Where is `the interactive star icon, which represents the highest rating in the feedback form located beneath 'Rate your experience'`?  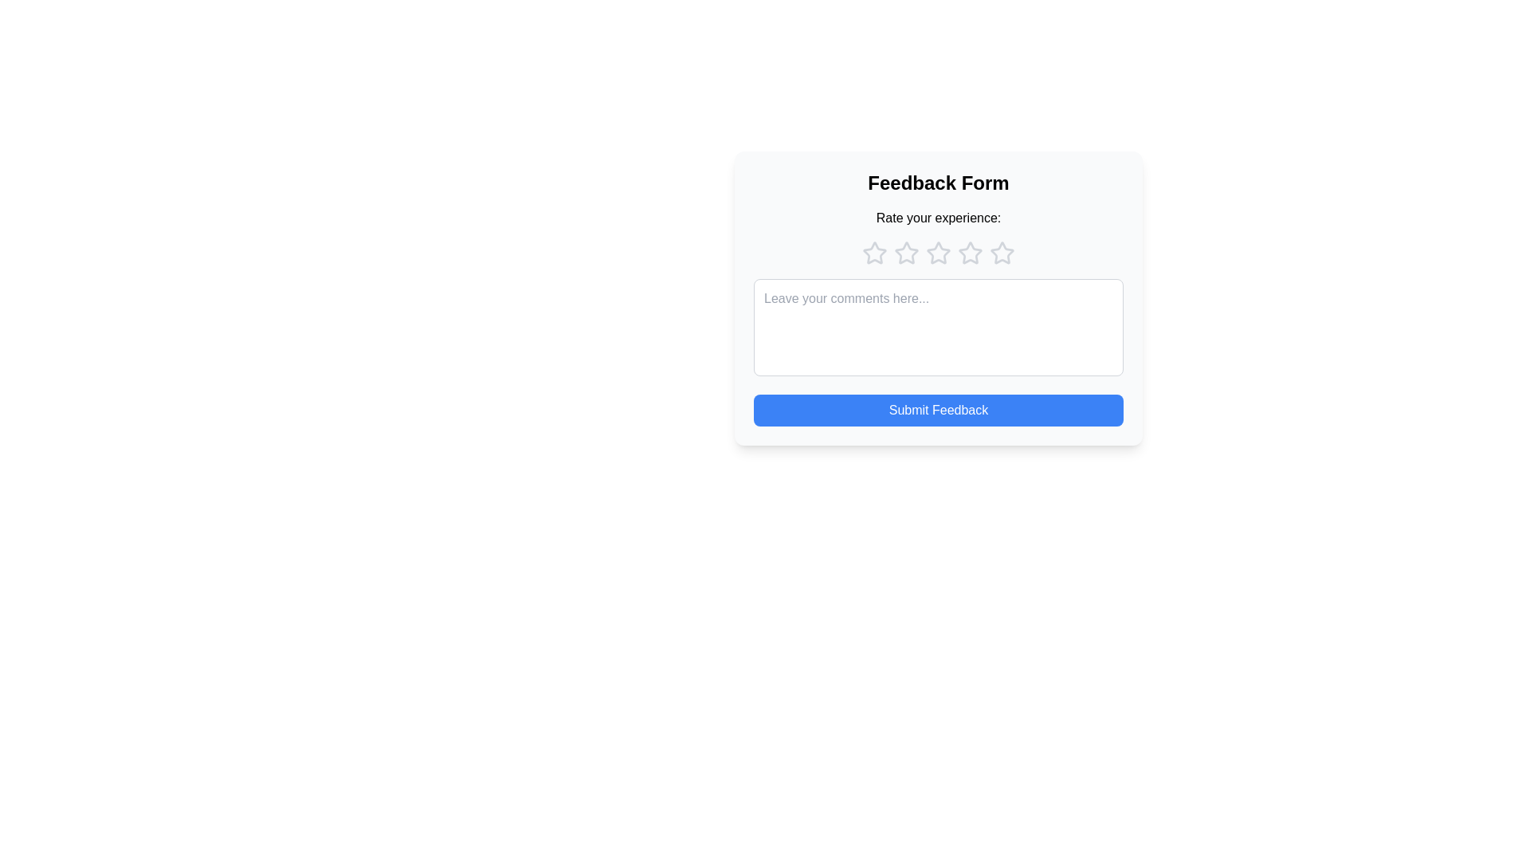 the interactive star icon, which represents the highest rating in the feedback form located beneath 'Rate your experience' is located at coordinates (1001, 252).